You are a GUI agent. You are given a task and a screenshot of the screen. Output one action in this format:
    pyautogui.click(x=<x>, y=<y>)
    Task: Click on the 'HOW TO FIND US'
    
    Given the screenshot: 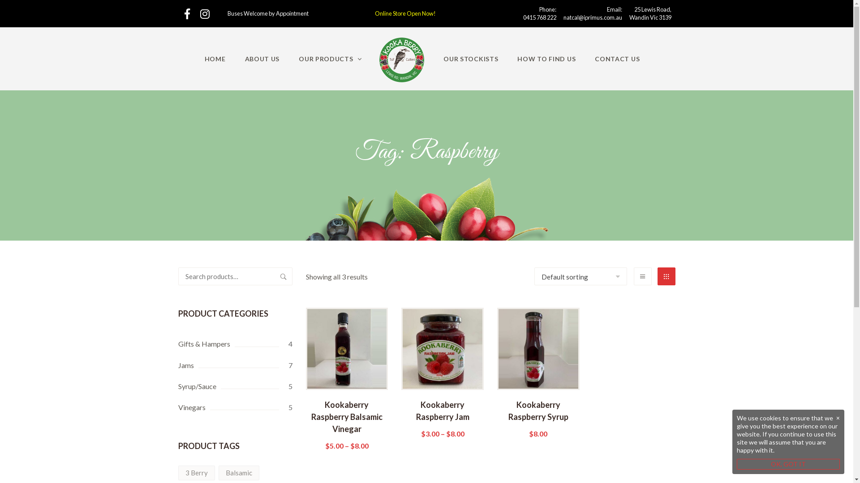 What is the action you would take?
    pyautogui.click(x=546, y=59)
    